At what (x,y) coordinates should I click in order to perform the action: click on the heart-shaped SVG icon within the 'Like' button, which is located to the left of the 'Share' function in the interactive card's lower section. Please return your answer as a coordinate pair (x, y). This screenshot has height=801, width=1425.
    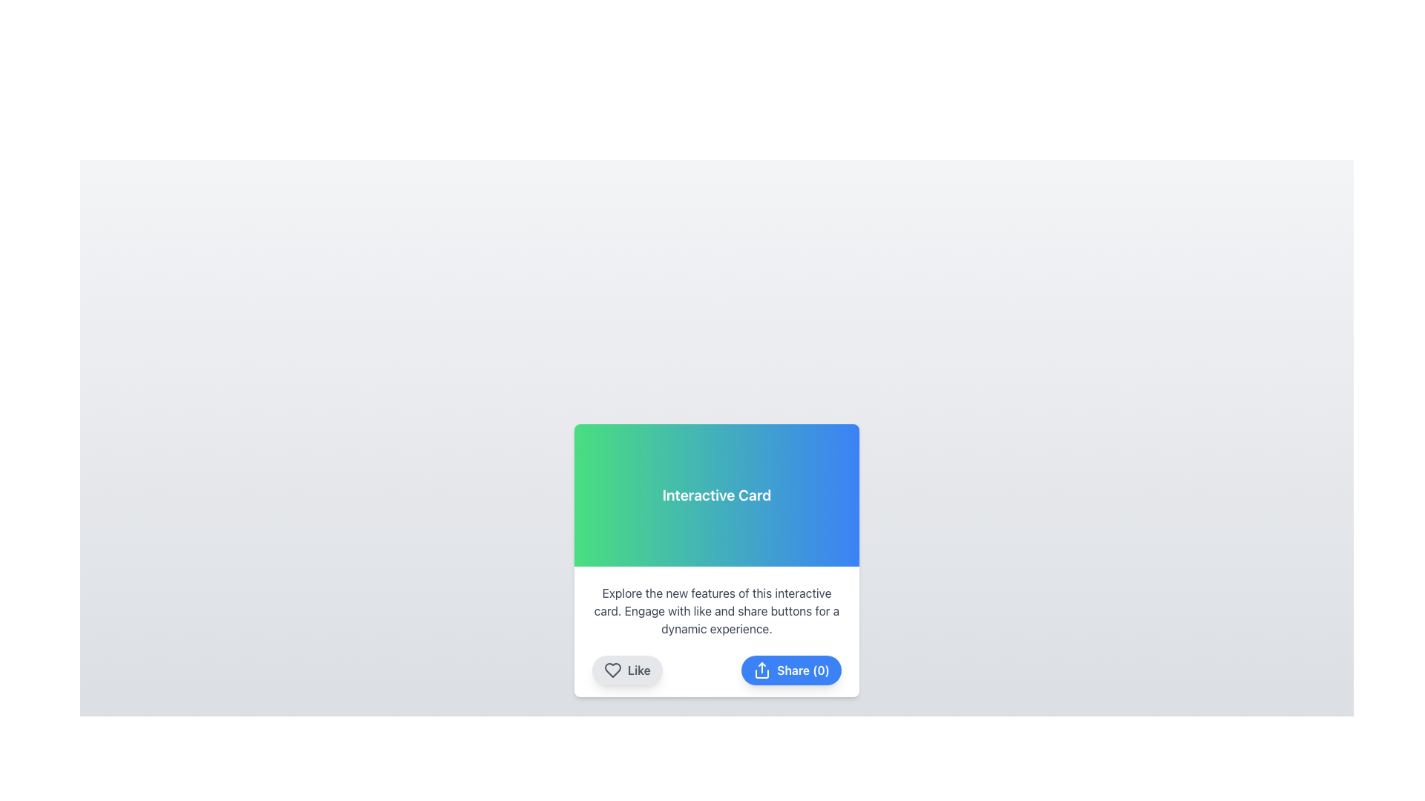
    Looking at the image, I should click on (612, 670).